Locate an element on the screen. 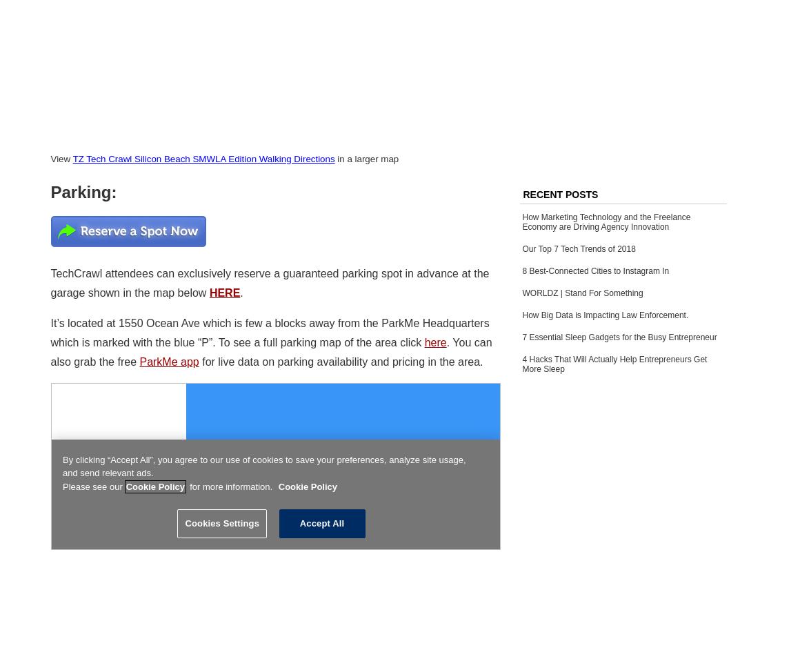 This screenshot has height=659, width=800. 'TZ Tech Crawl Silicon Beach SMWLA Edition Walking Directions' is located at coordinates (202, 158).